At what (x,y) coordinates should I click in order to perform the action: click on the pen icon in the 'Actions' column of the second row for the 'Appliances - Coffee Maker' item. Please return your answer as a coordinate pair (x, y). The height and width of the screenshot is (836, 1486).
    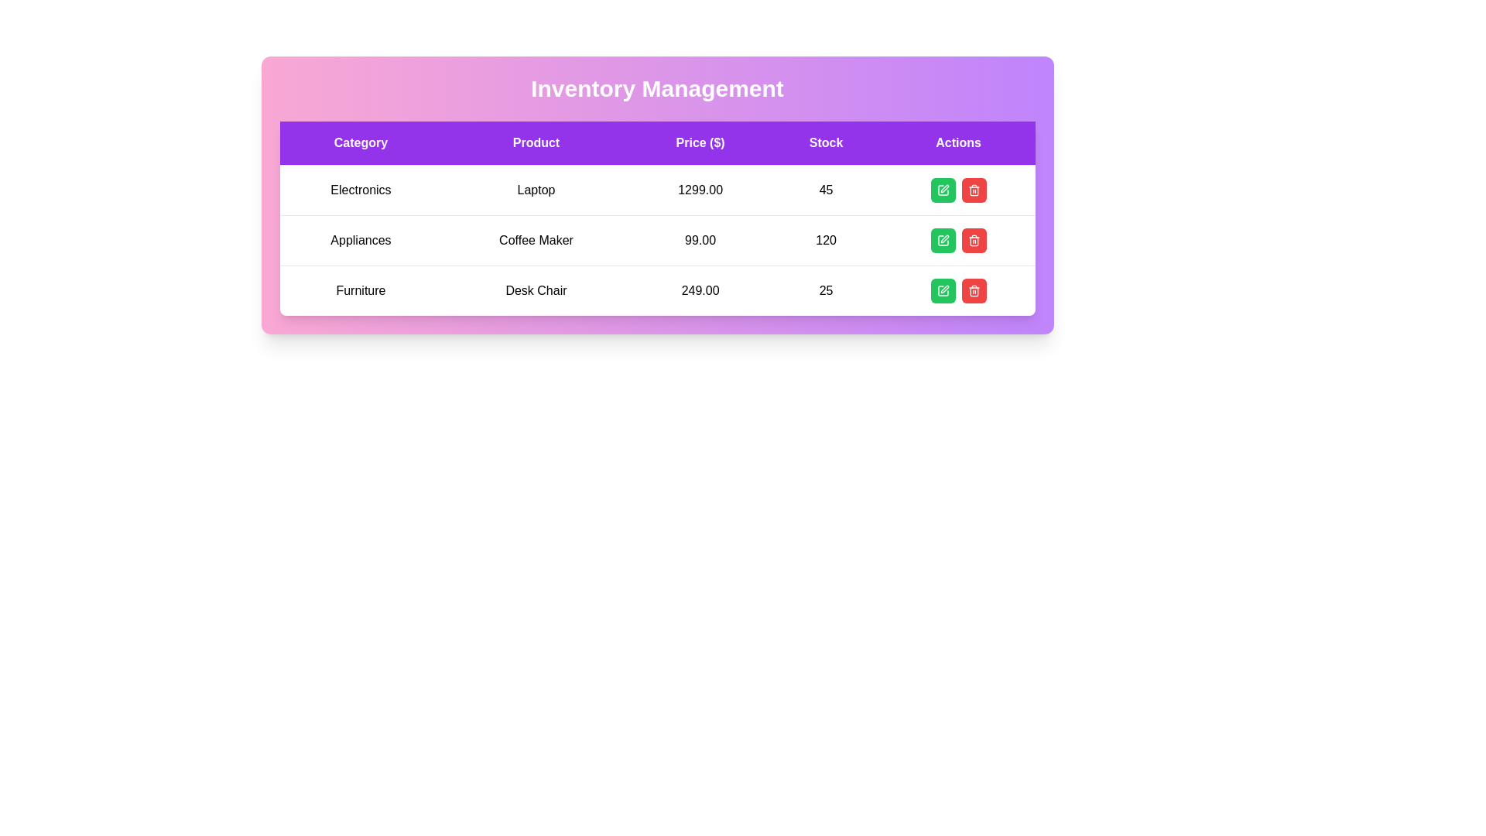
    Looking at the image, I should click on (943, 238).